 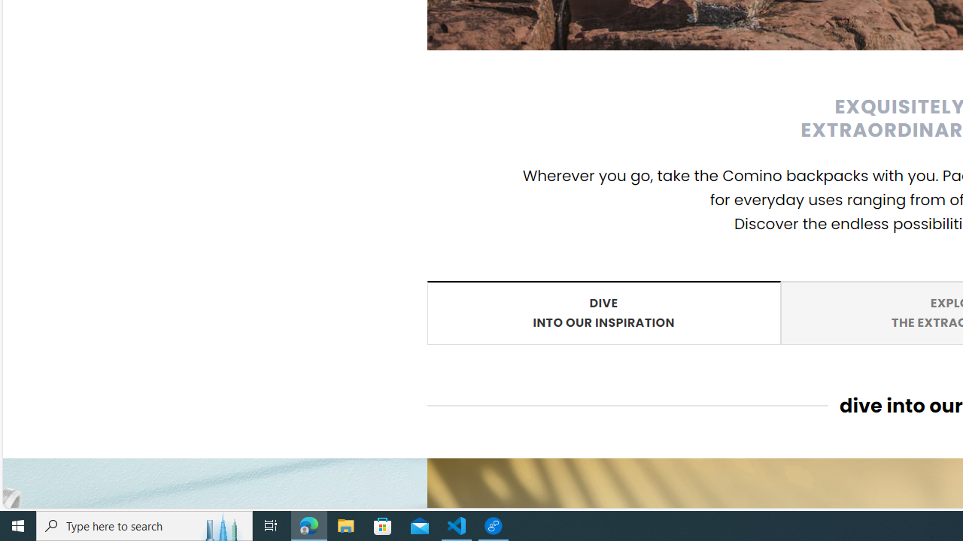 I want to click on 'DIVE INTO OUR INSPIRATION', so click(x=603, y=311).